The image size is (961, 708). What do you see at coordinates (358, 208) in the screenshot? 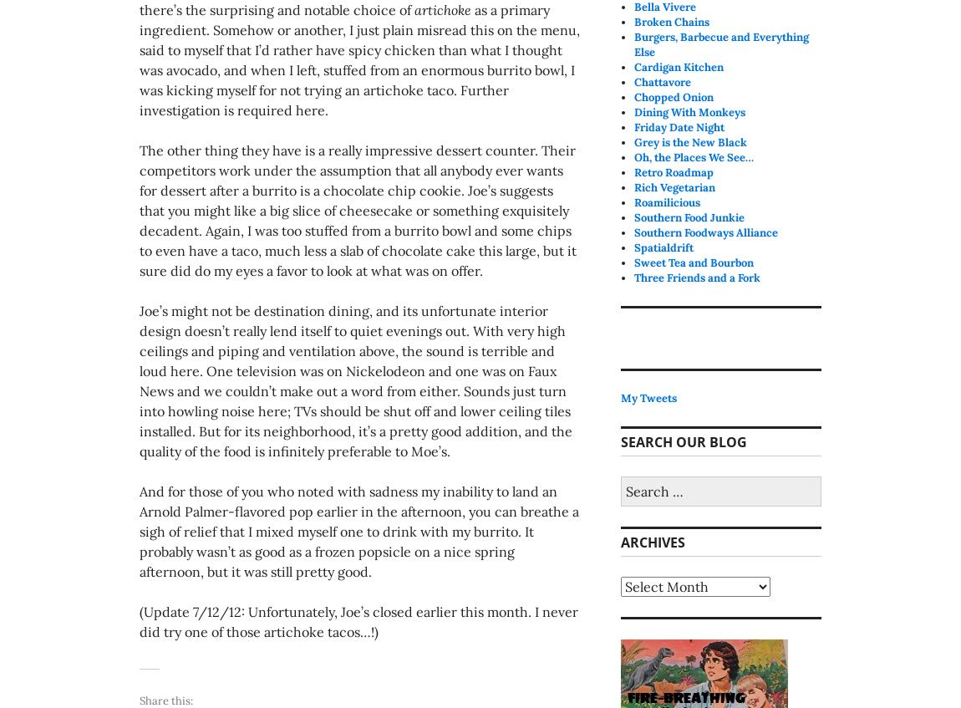
I see `'The other thing they have is a really impressive dessert counter.  Their competitors work under the assumption that all anybody ever wants for dessert after a burrito is a chocolate chip cookie.  Joe’s suggests that you might like a big slice of cheesecake or something exquisitely decadent.  Again, I was too stuffed from a burrito bowl and some chips to even have a taco, much less a slab of chocolate cake this large, but it sure did do my eyes a favor to look at what was on offer.'` at bounding box center [358, 208].